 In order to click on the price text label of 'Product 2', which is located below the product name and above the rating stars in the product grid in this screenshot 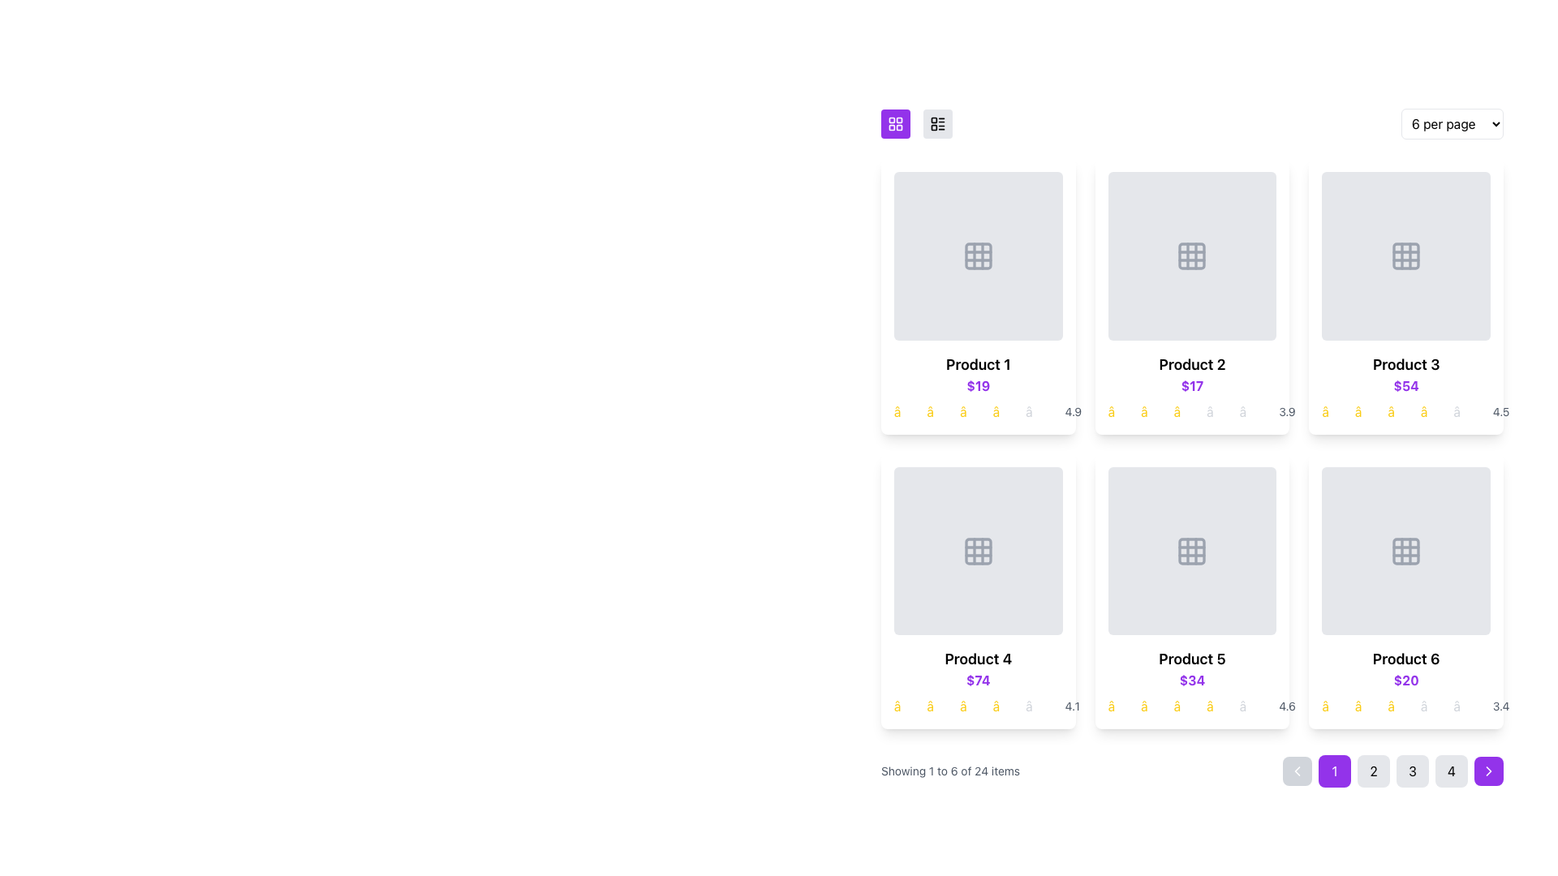, I will do `click(1192, 385)`.